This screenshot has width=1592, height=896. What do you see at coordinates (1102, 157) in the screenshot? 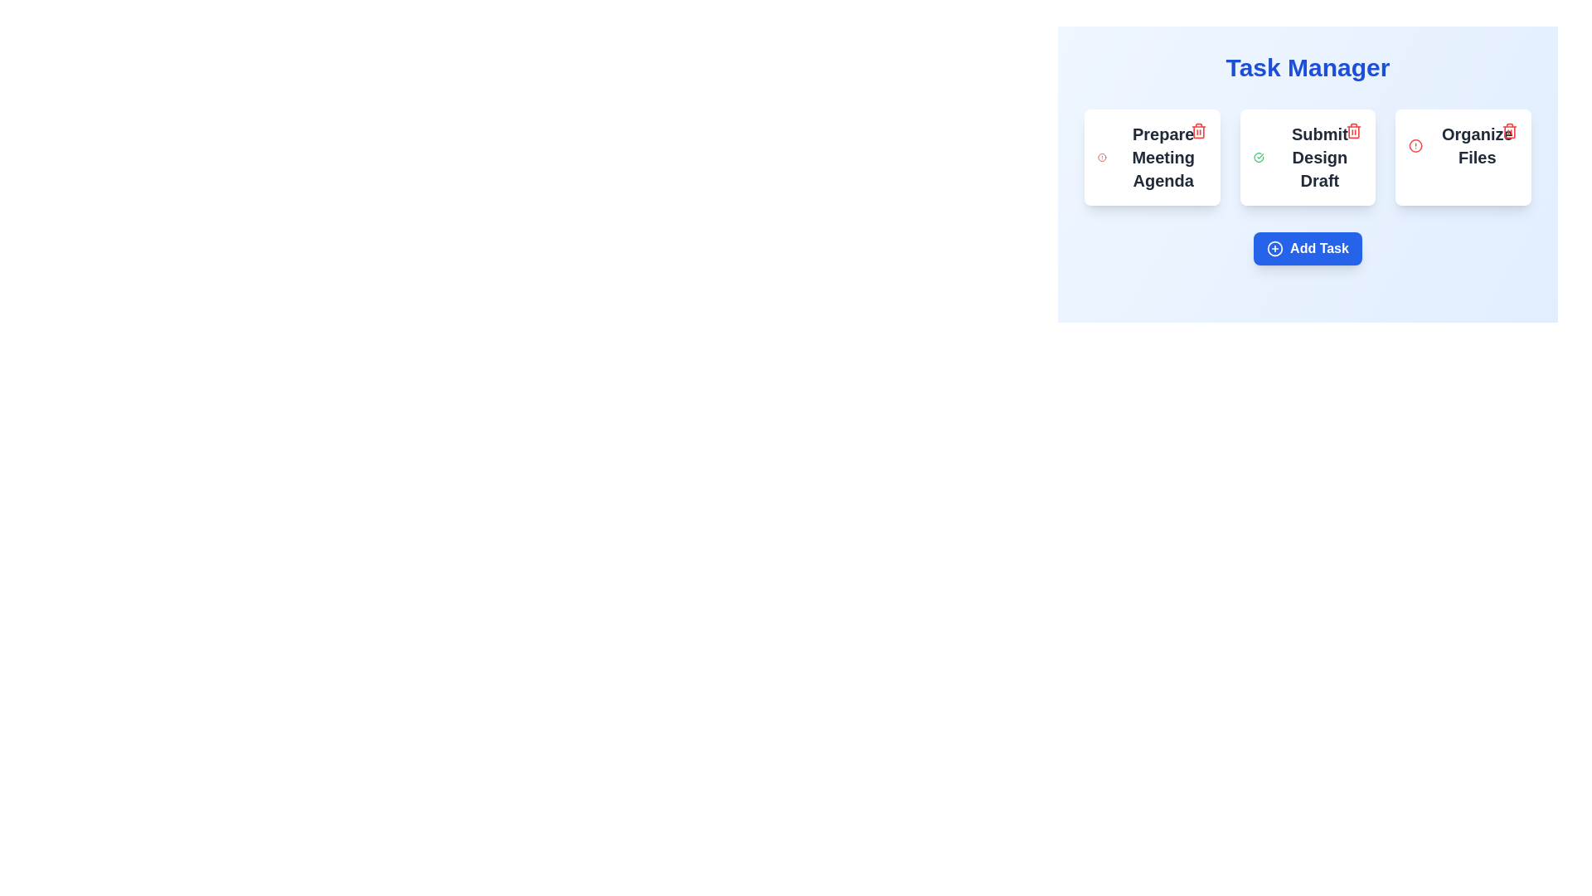
I see `the warning icon (Circle with Stroke) located in the top-right corner of the 'Organize Files' task card to possibly see a tooltip` at bounding box center [1102, 157].